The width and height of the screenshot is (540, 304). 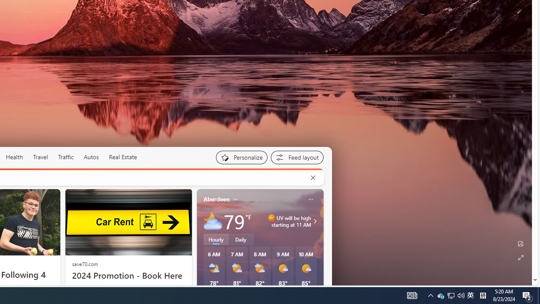 What do you see at coordinates (240, 239) in the screenshot?
I see `'Daily'` at bounding box center [240, 239].